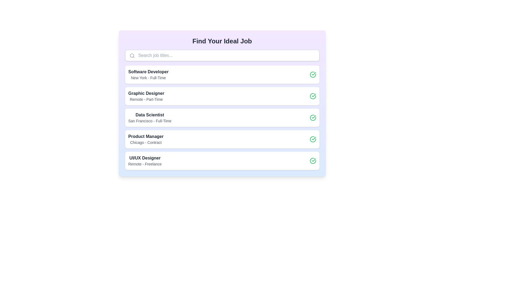 This screenshot has width=518, height=291. I want to click on the text element displaying 'UI/UX Designer' within a rounded white card at the bottom of the job postings list, so click(145, 161).